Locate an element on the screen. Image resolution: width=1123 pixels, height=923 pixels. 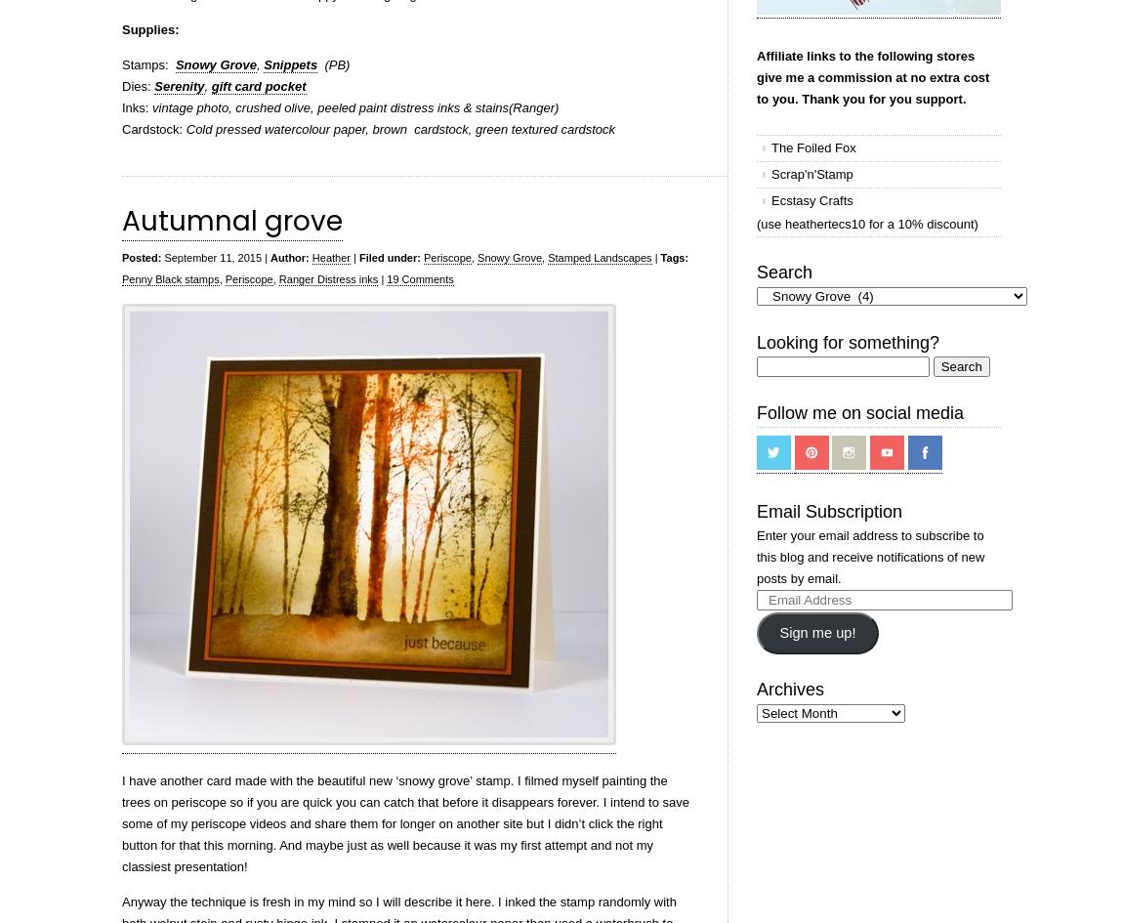
'vintage photo, crushed olive, peeled paint distress inks & stains(Ranger)' is located at coordinates (151, 106).